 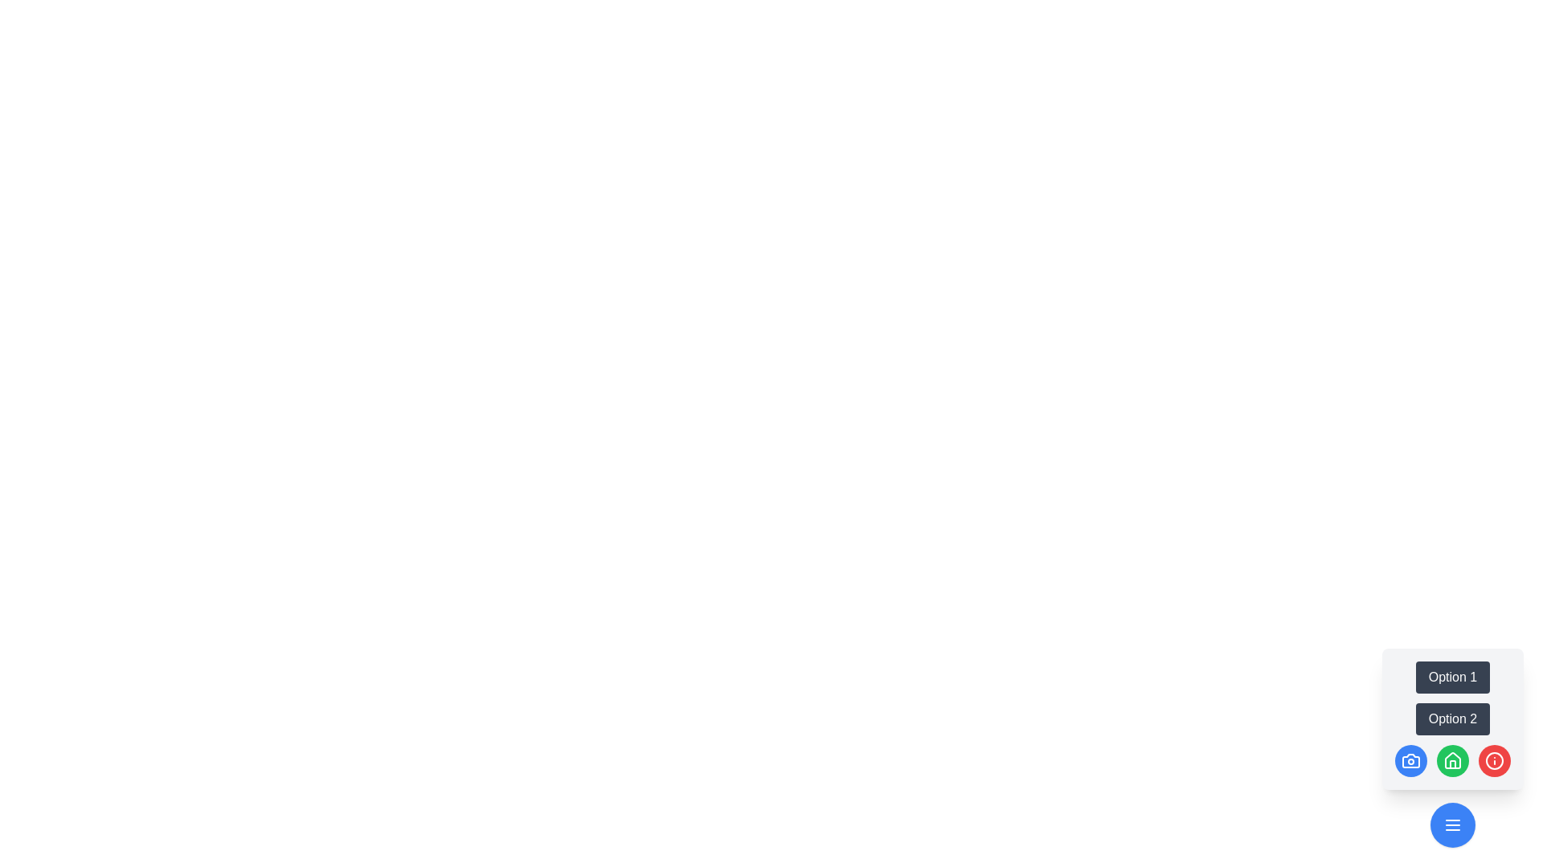 I want to click on the leftmost circular icon located near the bottom-right corner of the interface, so click(x=1410, y=760).